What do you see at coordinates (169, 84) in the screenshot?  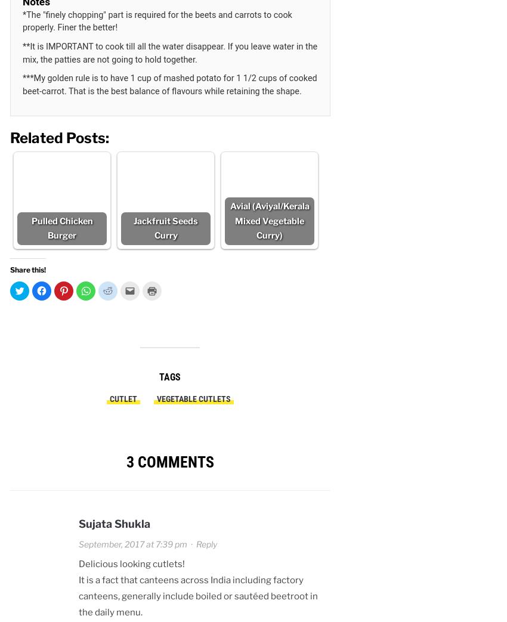 I see `'***My golden rule is to have 1 cup of mashed potato for 1 1/2 cups of cooked beet-carrot. That is the best balance of flavours while retaining the shape.'` at bounding box center [169, 84].